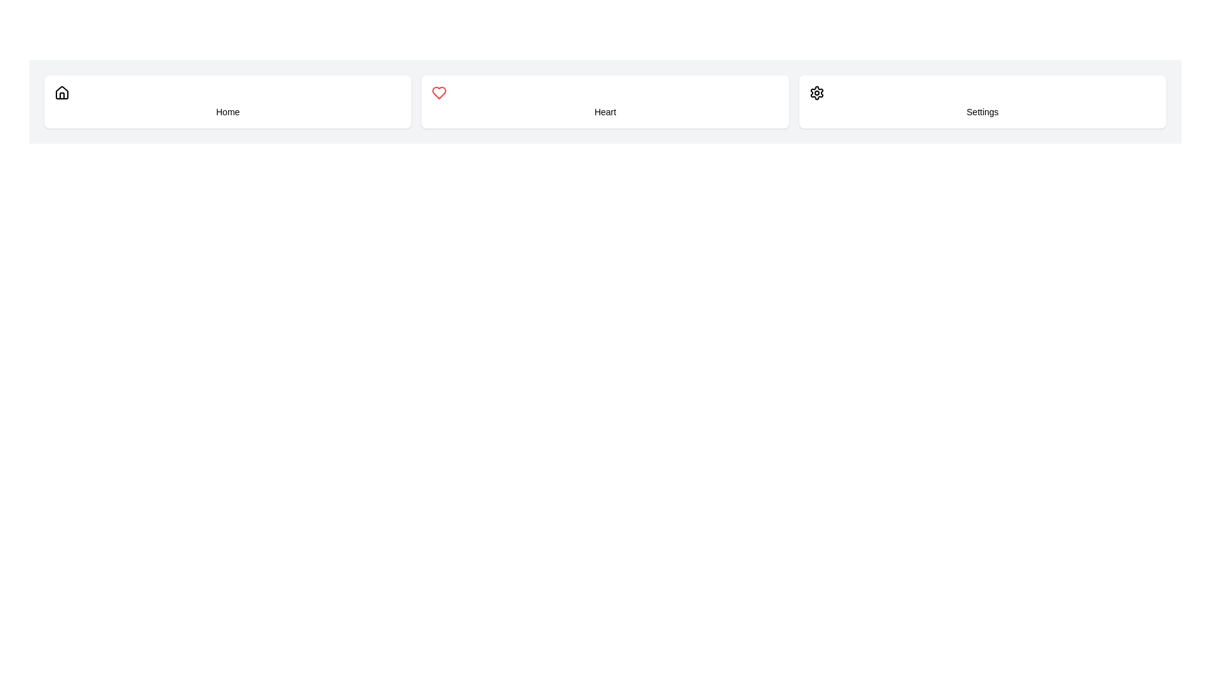 The width and height of the screenshot is (1217, 684). Describe the element at coordinates (982, 101) in the screenshot. I see `the navigation button that likely directs users to the settings page, located in the third position from the left in a horizontal set of three buttons labeled 'Home', 'Heart', and 'Settings'` at that location.